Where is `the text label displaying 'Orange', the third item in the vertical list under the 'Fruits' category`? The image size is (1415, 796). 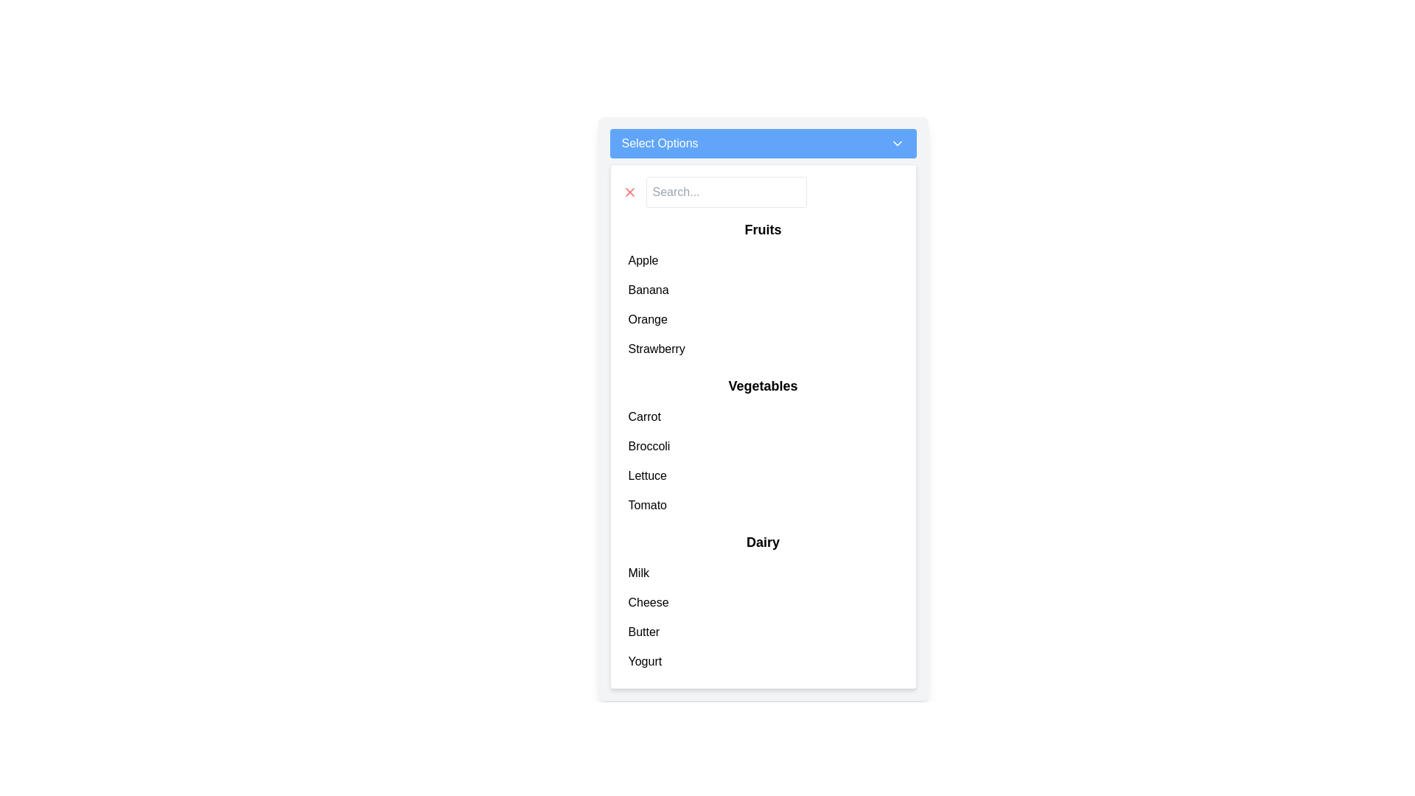 the text label displaying 'Orange', the third item in the vertical list under the 'Fruits' category is located at coordinates (648, 319).